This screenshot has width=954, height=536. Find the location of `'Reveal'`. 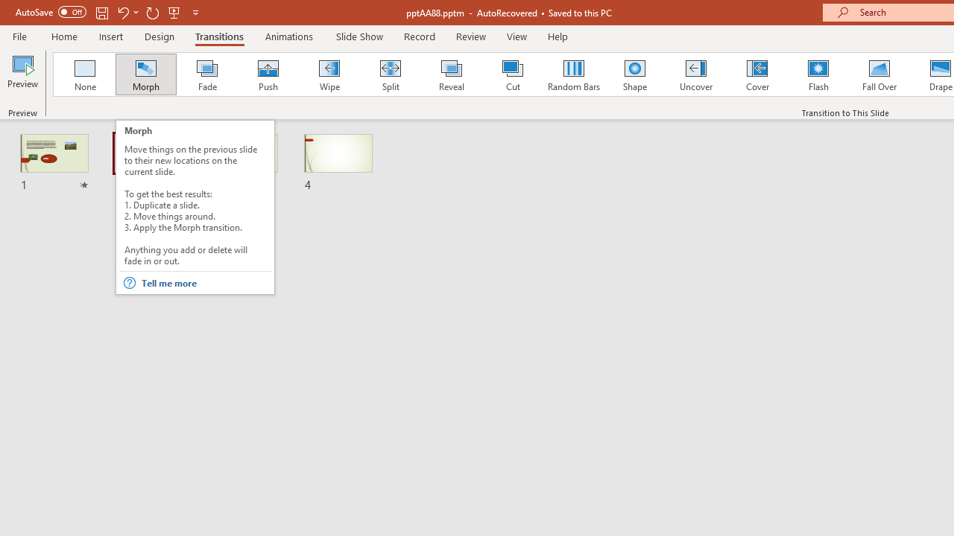

'Reveal' is located at coordinates (450, 74).